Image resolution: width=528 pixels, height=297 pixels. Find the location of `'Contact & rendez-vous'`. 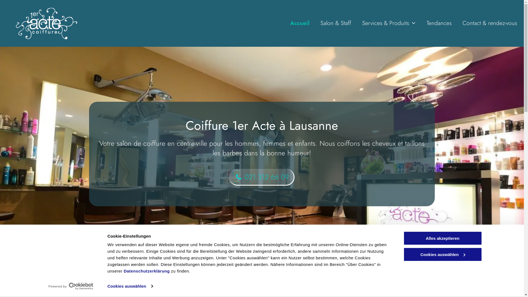

'Contact & rendez-vous' is located at coordinates (490, 23).